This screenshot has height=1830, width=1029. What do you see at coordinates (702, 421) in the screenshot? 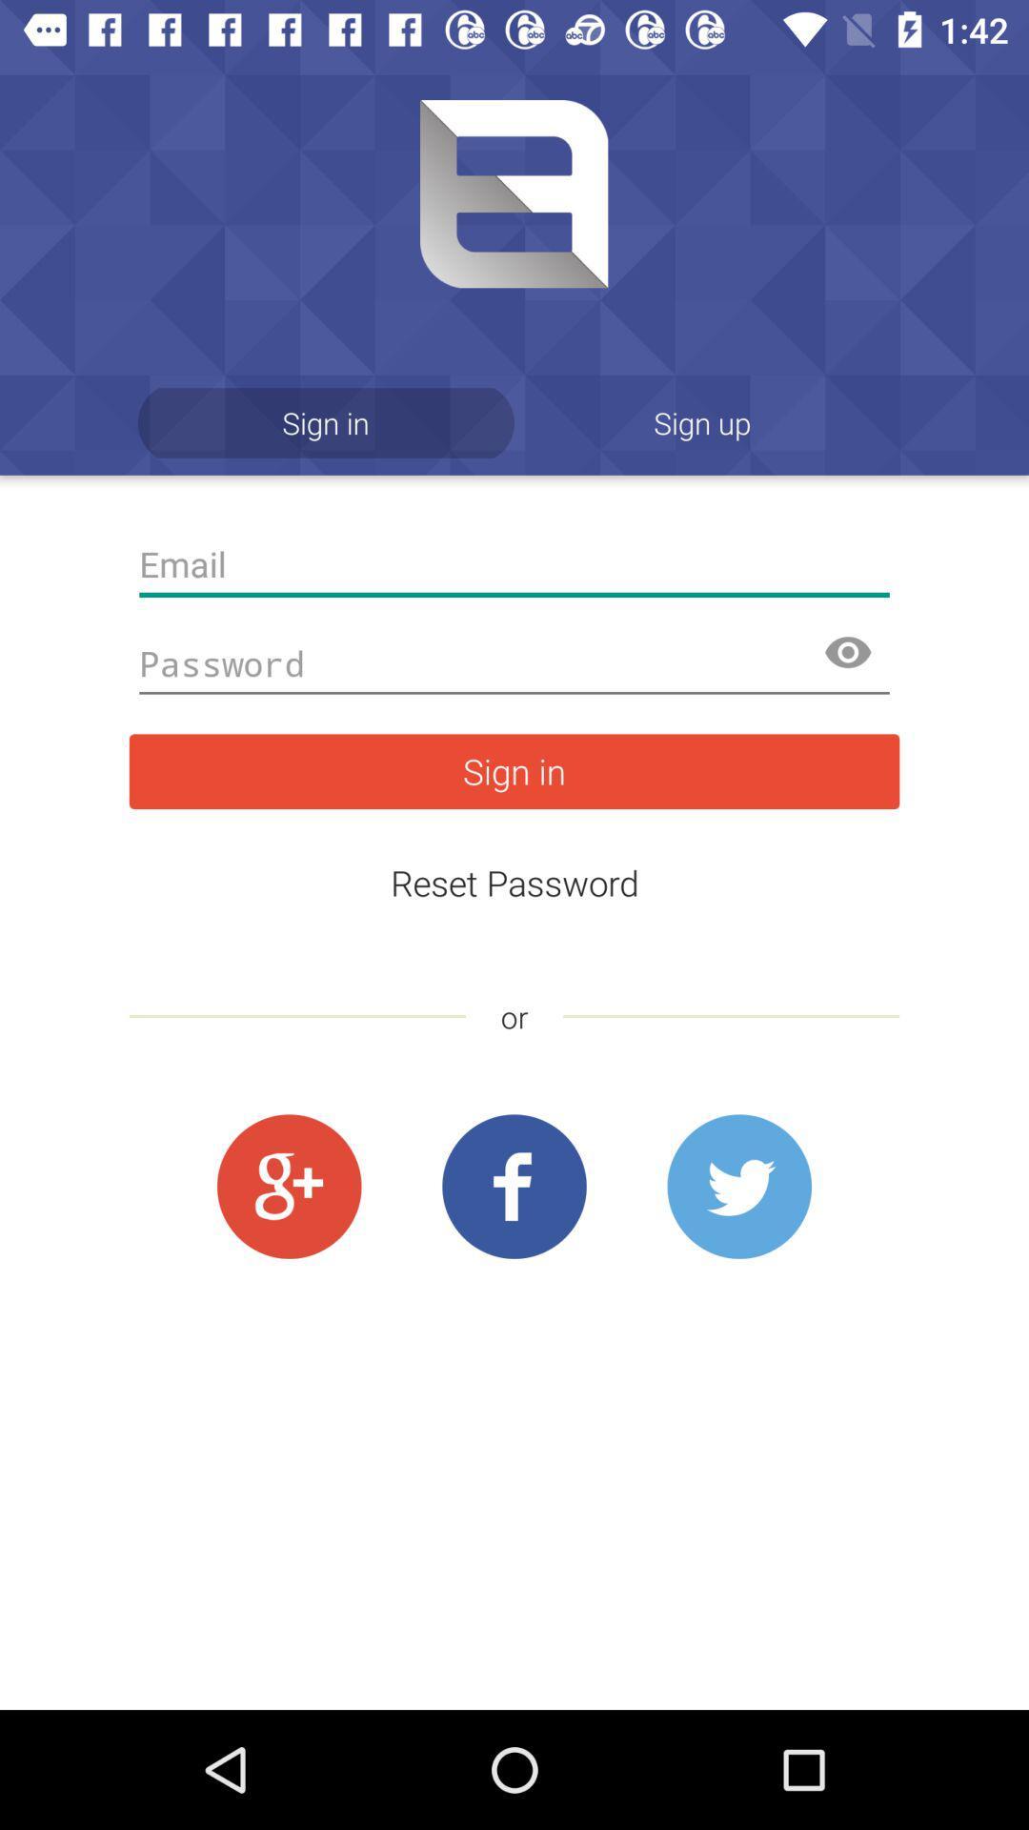
I see `icon at the top right corner` at bounding box center [702, 421].